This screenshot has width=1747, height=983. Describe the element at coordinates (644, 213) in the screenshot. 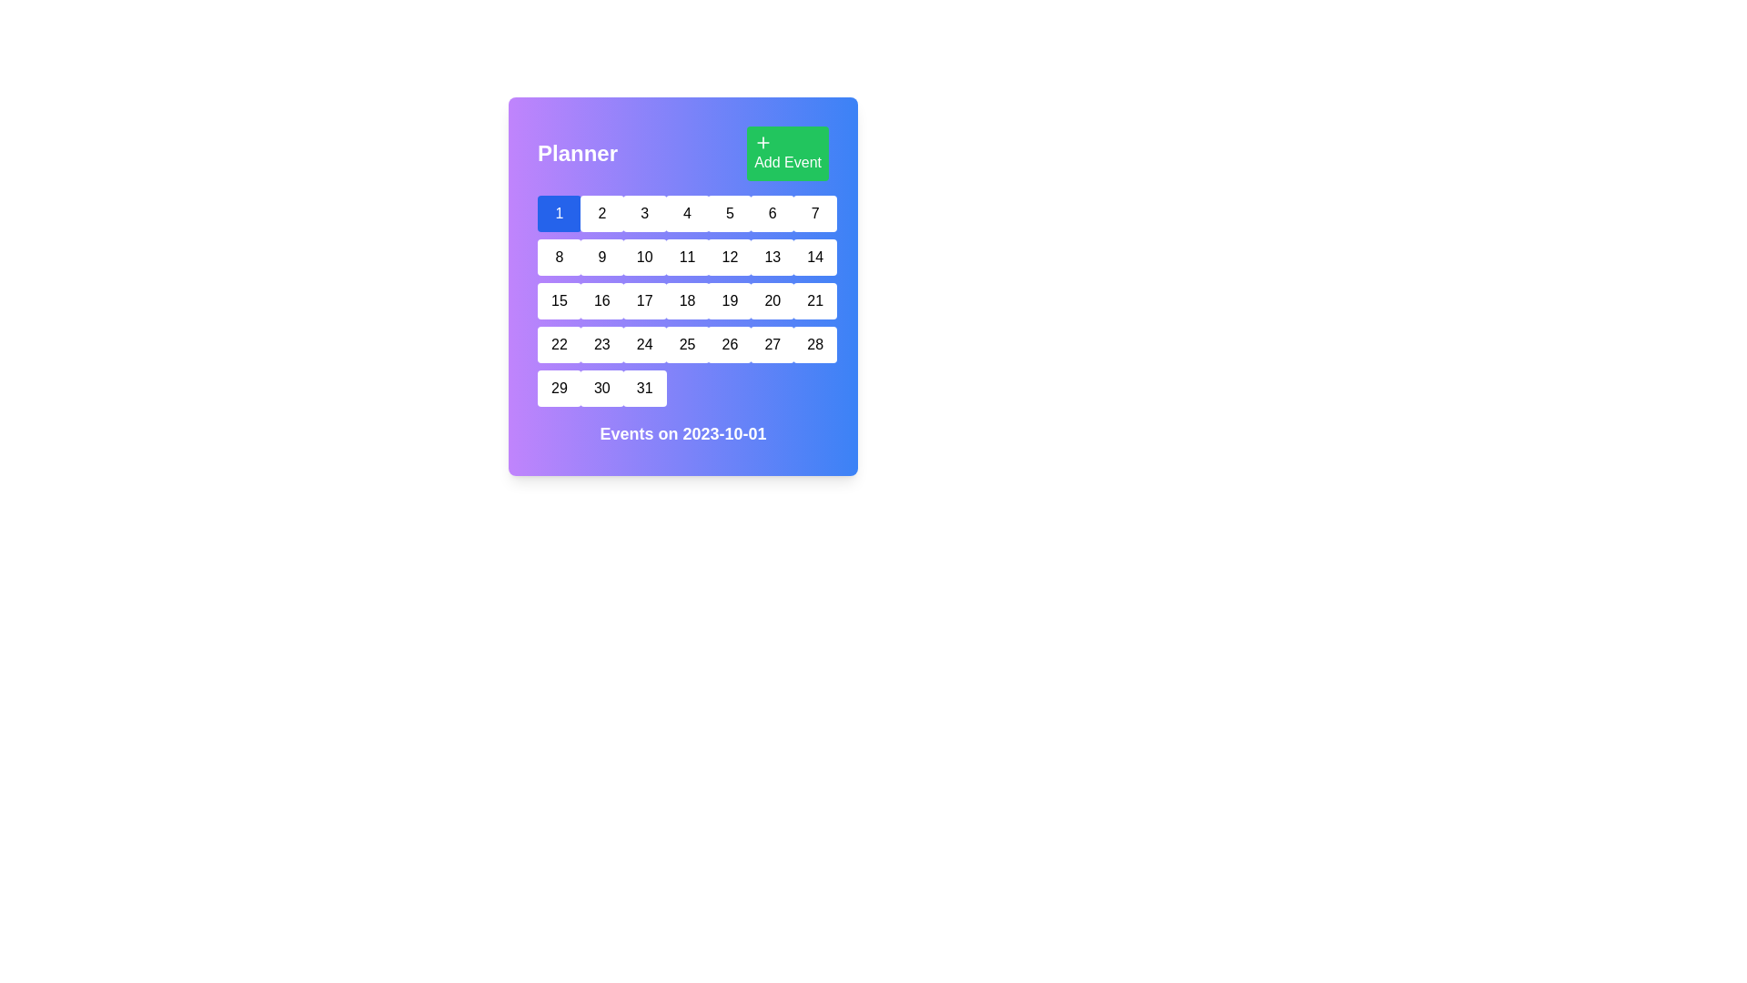

I see `the rounded rectangular button with a white background and black text displaying the number '3'` at that location.